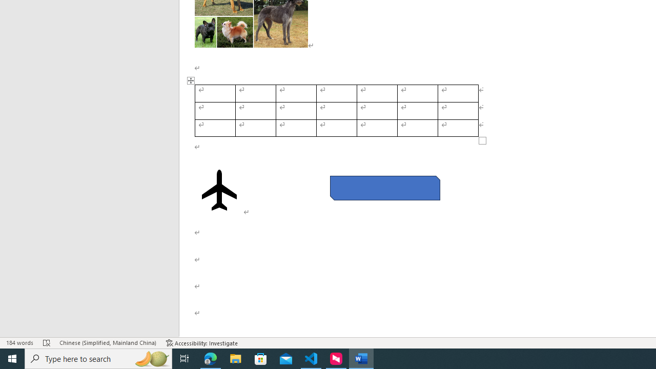  Describe the element at coordinates (219, 190) in the screenshot. I see `'Airplane with solid fill'` at that location.